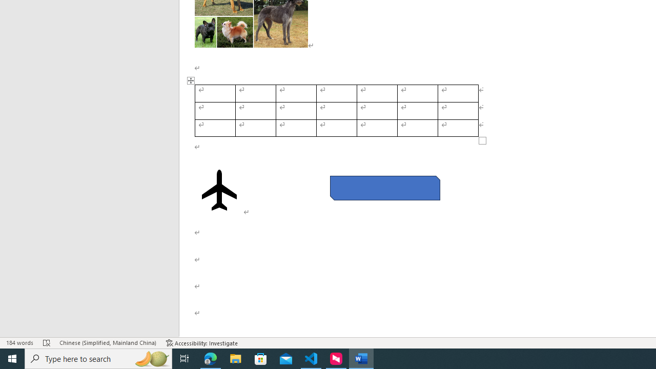  Describe the element at coordinates (219, 190) in the screenshot. I see `'Airplane with solid fill'` at that location.